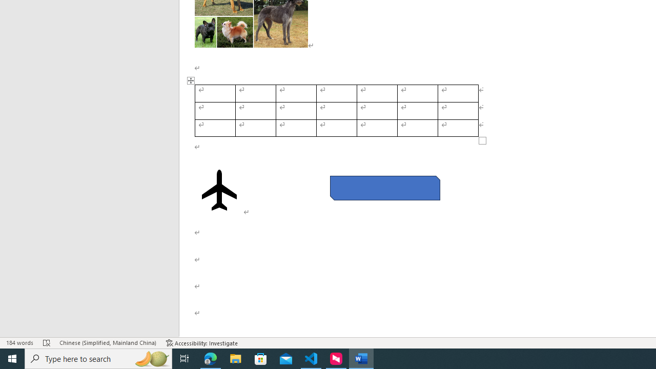  Describe the element at coordinates (219, 190) in the screenshot. I see `'Airplane with solid fill'` at that location.